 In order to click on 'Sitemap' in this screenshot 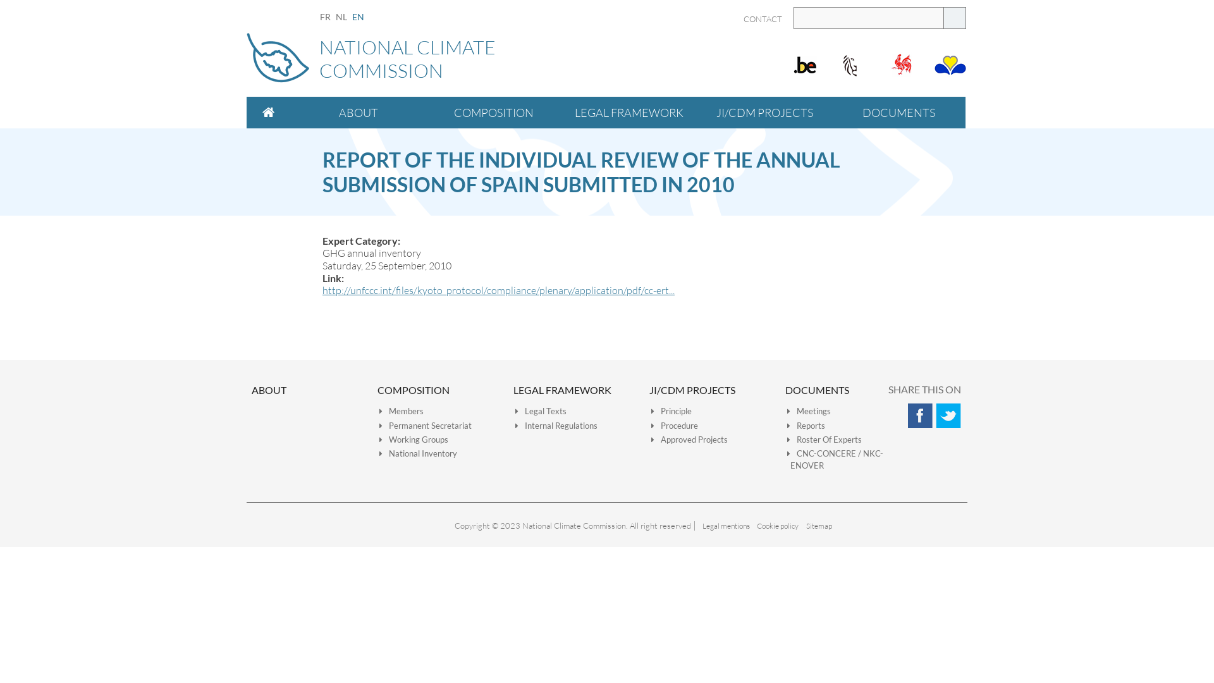, I will do `click(818, 526)`.